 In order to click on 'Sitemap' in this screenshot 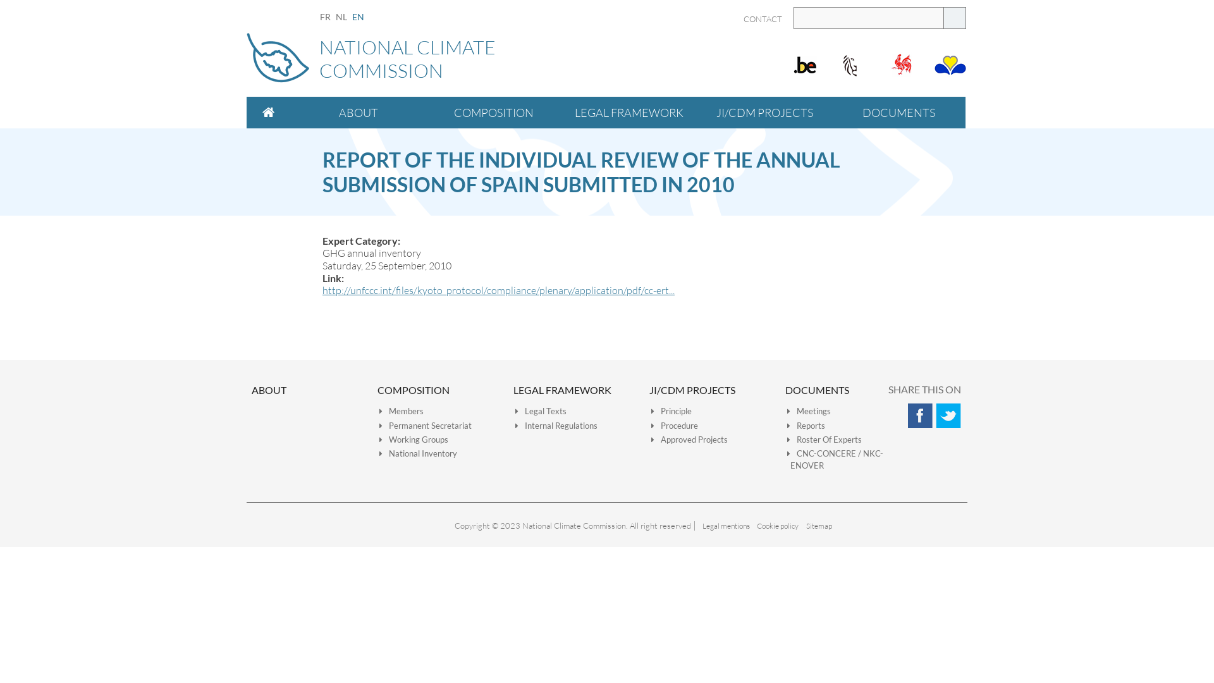, I will do `click(818, 526)`.